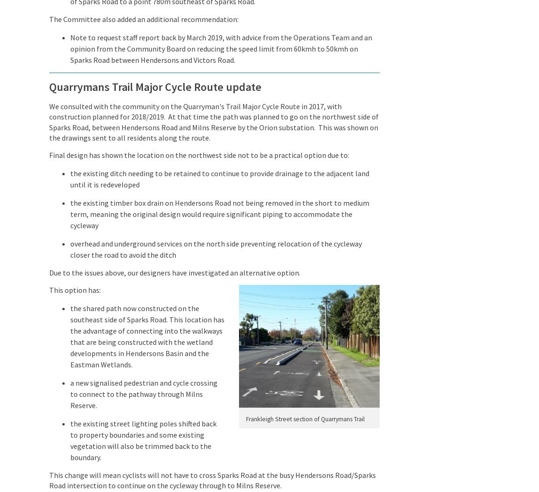 The width and height of the screenshot is (539, 492). I want to click on 'Note to request staff report back by March 2019, with advice from the Operations Team and an opinion from the Community Board on reducing the speed limit from 60kmh to 50kmh on Sparks Road between Hendersons and Victors Road.', so click(221, 48).